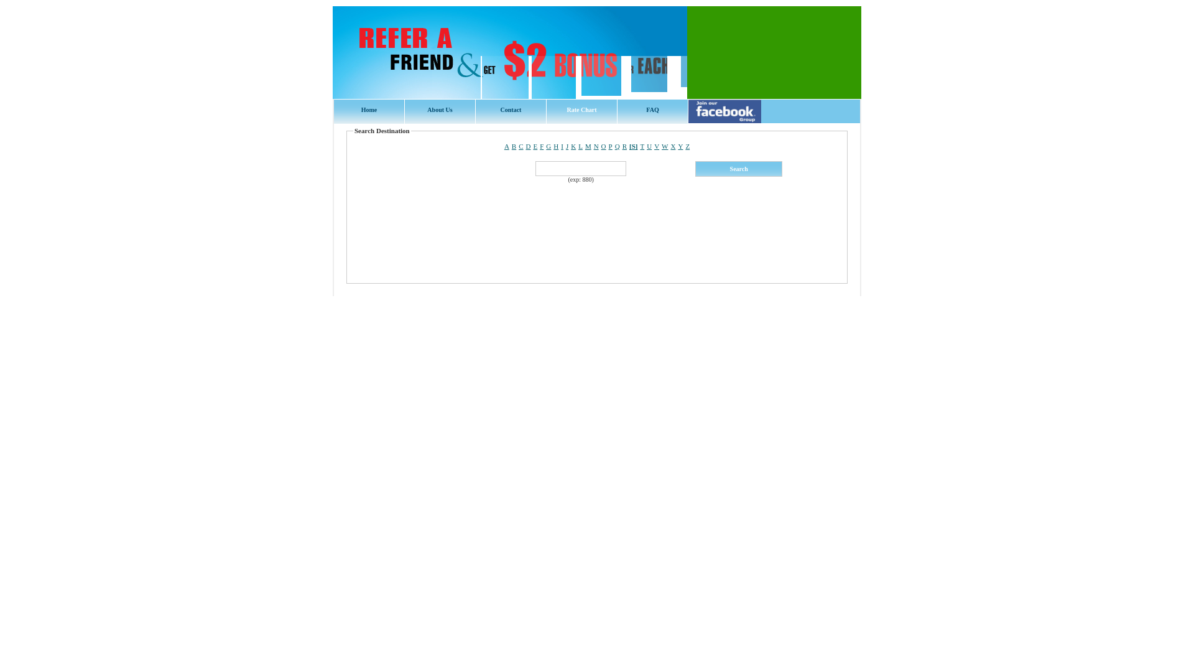 Image resolution: width=1194 pixels, height=672 pixels. Describe the element at coordinates (567, 146) in the screenshot. I see `'J'` at that location.